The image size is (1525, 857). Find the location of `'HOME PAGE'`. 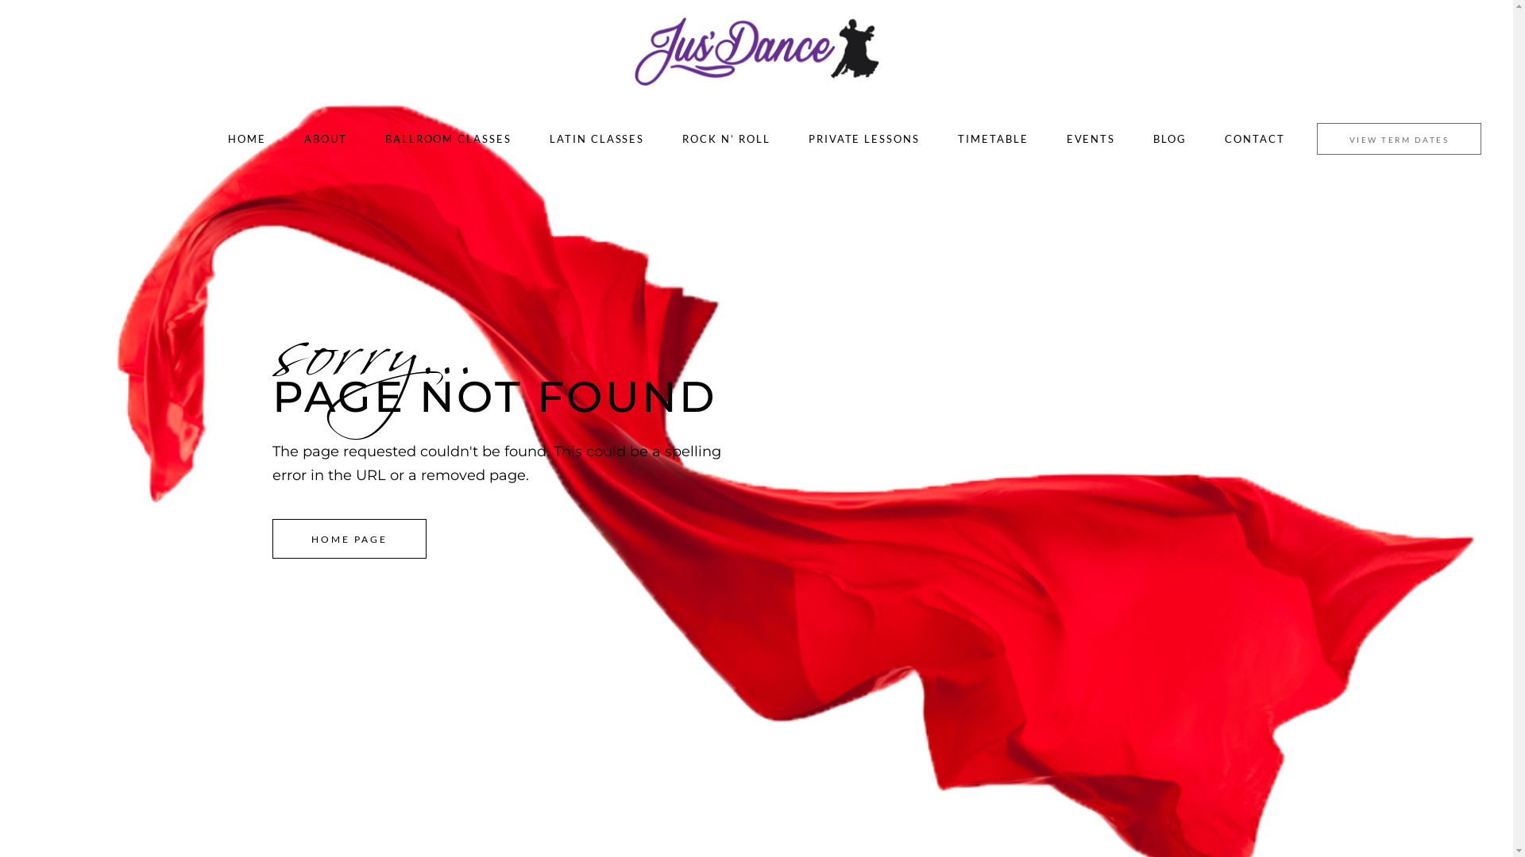

'HOME PAGE' is located at coordinates (349, 537).